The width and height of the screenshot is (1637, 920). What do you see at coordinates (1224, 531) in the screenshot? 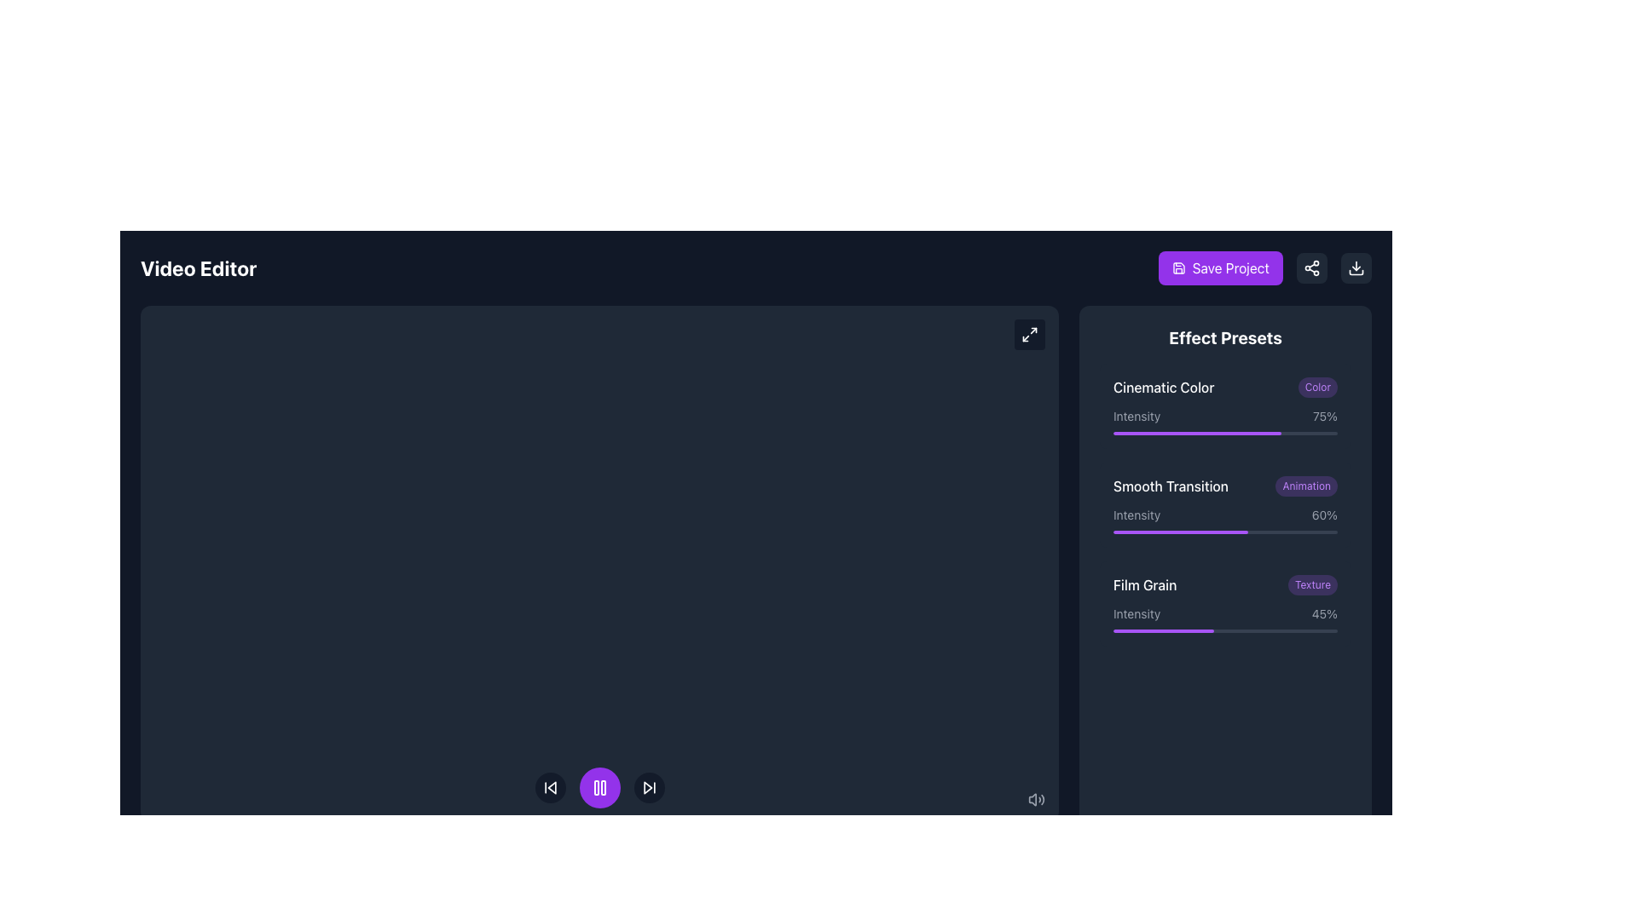
I see `the progress bar indicating 'Smooth Transition Intensity' with a filled portion extending to 60%` at bounding box center [1224, 531].